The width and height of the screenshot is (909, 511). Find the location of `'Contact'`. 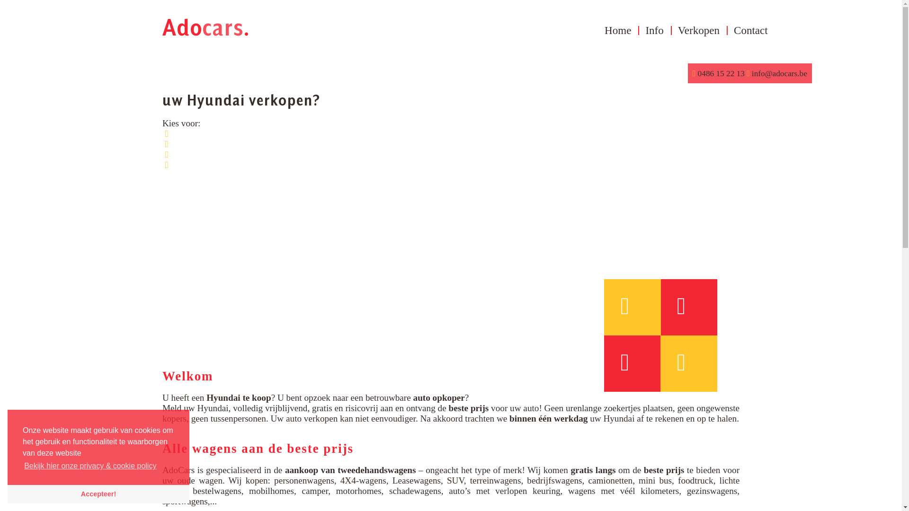

'Contact' is located at coordinates (726, 30).